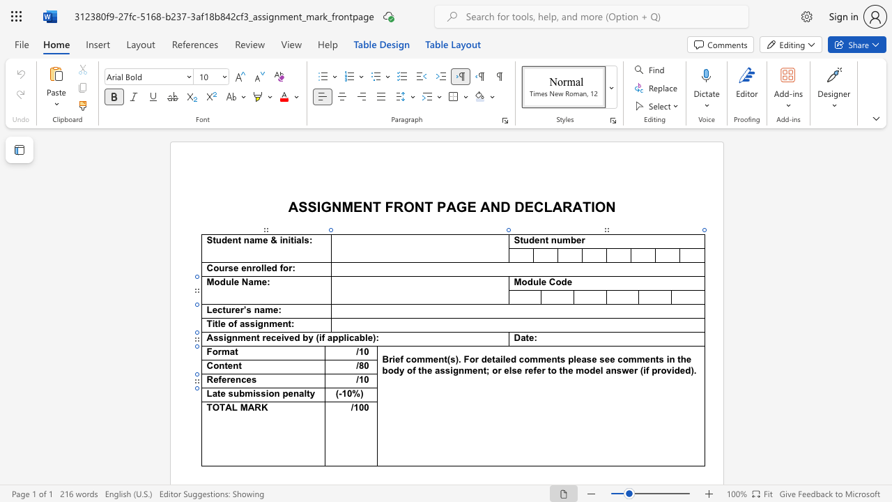 The image size is (892, 502). I want to click on the 1th character "R" in the text, so click(258, 408).